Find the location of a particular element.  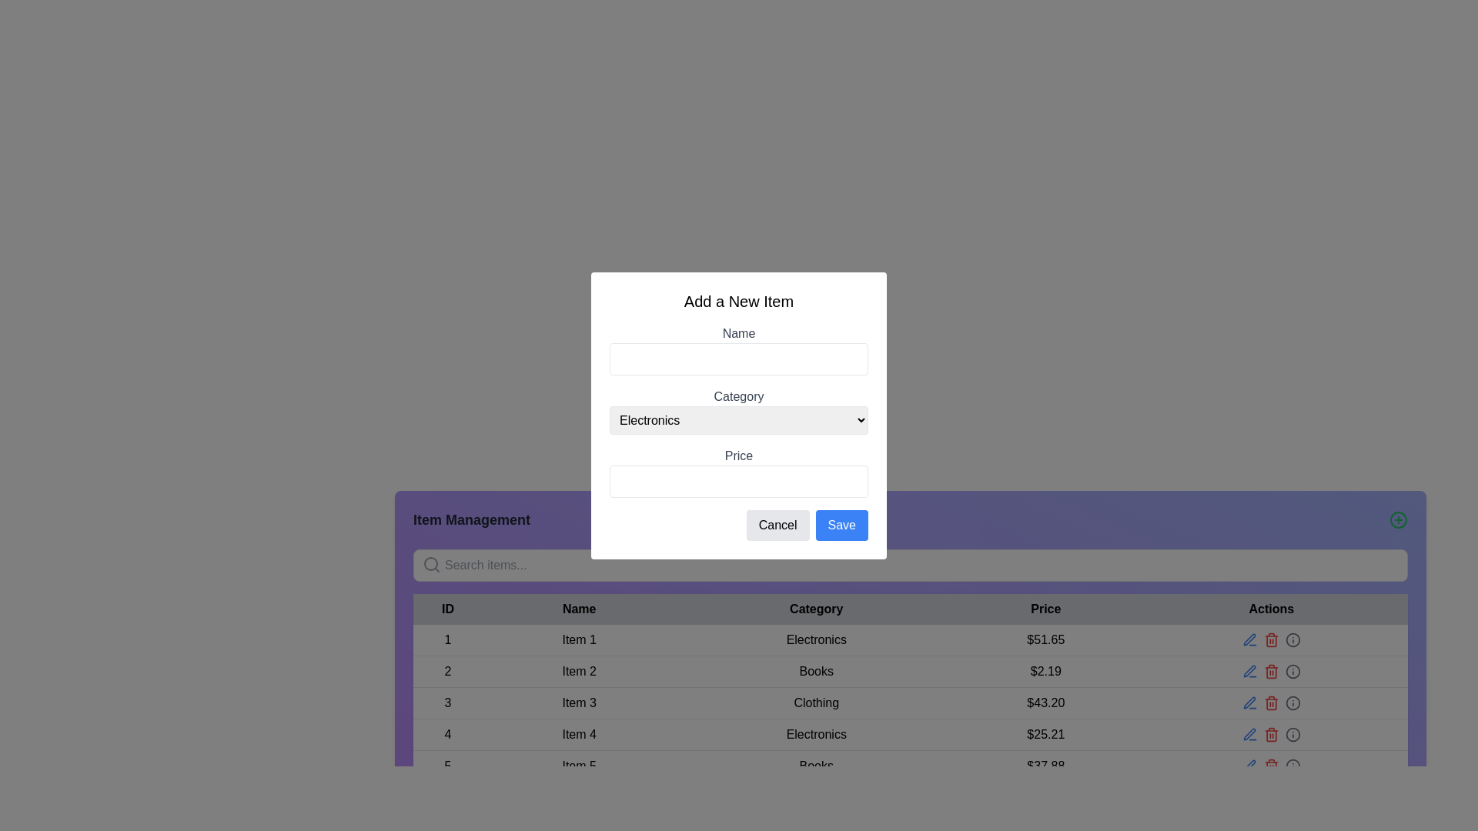

the Dropdown menu in the 'Add a New Item' modal is located at coordinates (739, 415).